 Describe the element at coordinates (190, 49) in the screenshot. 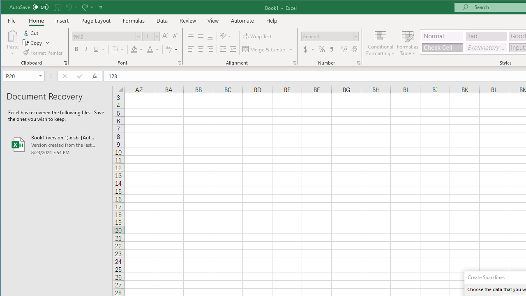

I see `'Align Left'` at that location.